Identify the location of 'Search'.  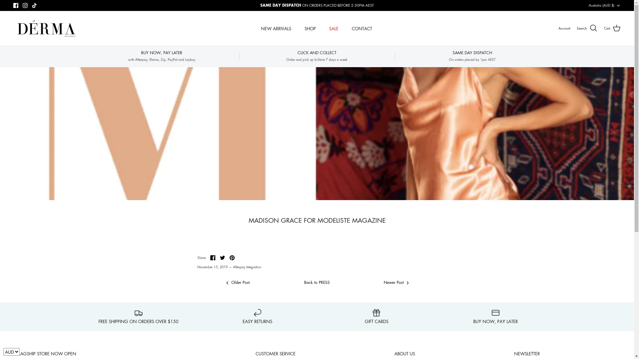
(576, 28).